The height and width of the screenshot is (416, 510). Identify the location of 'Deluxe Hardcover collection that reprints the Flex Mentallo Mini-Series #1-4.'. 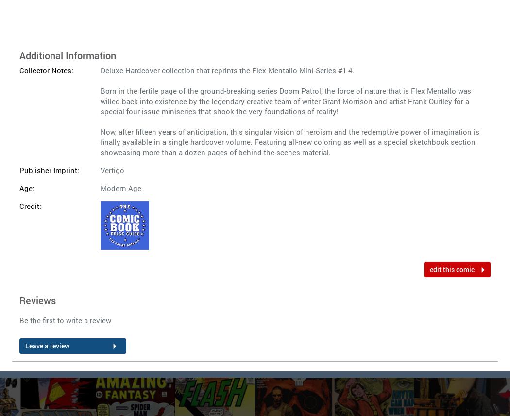
(227, 70).